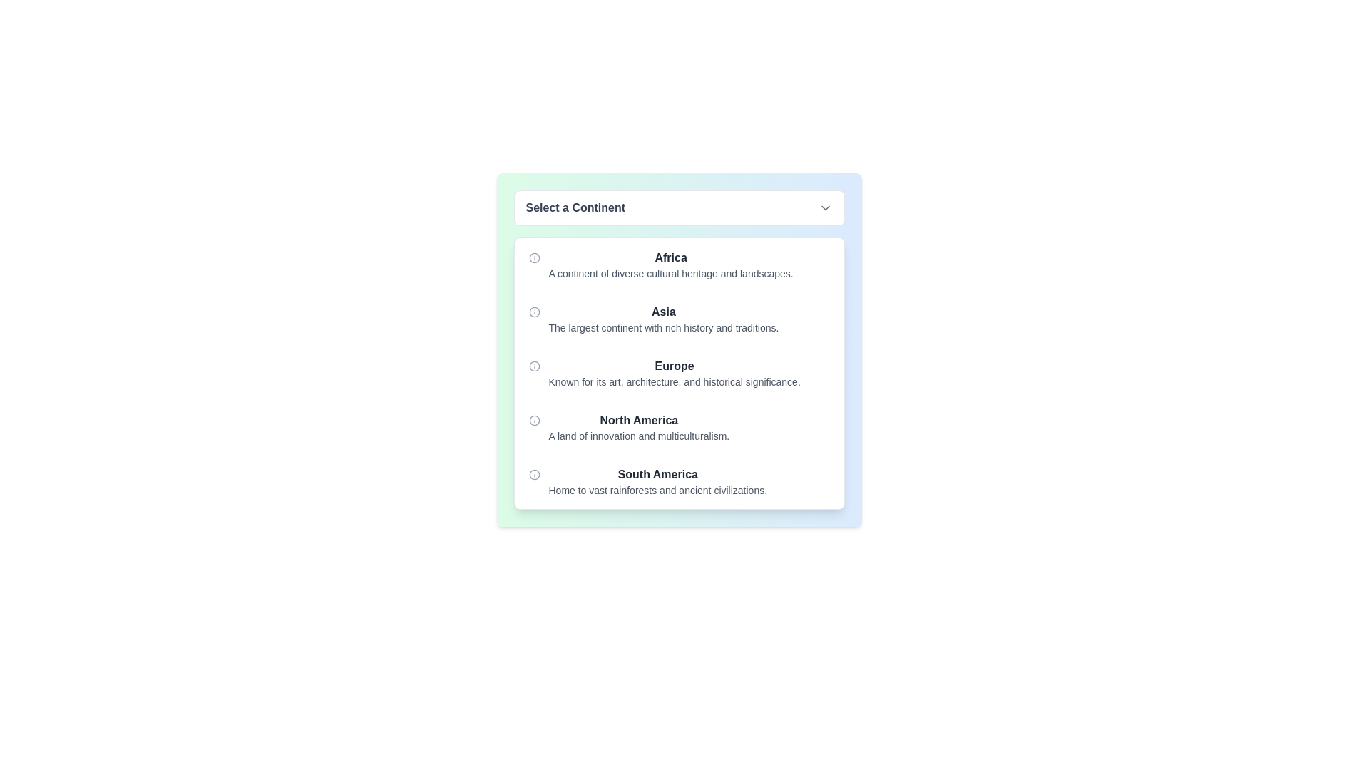  I want to click on the fifth list item labeled 'South America' which includes an informational icon, title, and description, so click(678, 481).